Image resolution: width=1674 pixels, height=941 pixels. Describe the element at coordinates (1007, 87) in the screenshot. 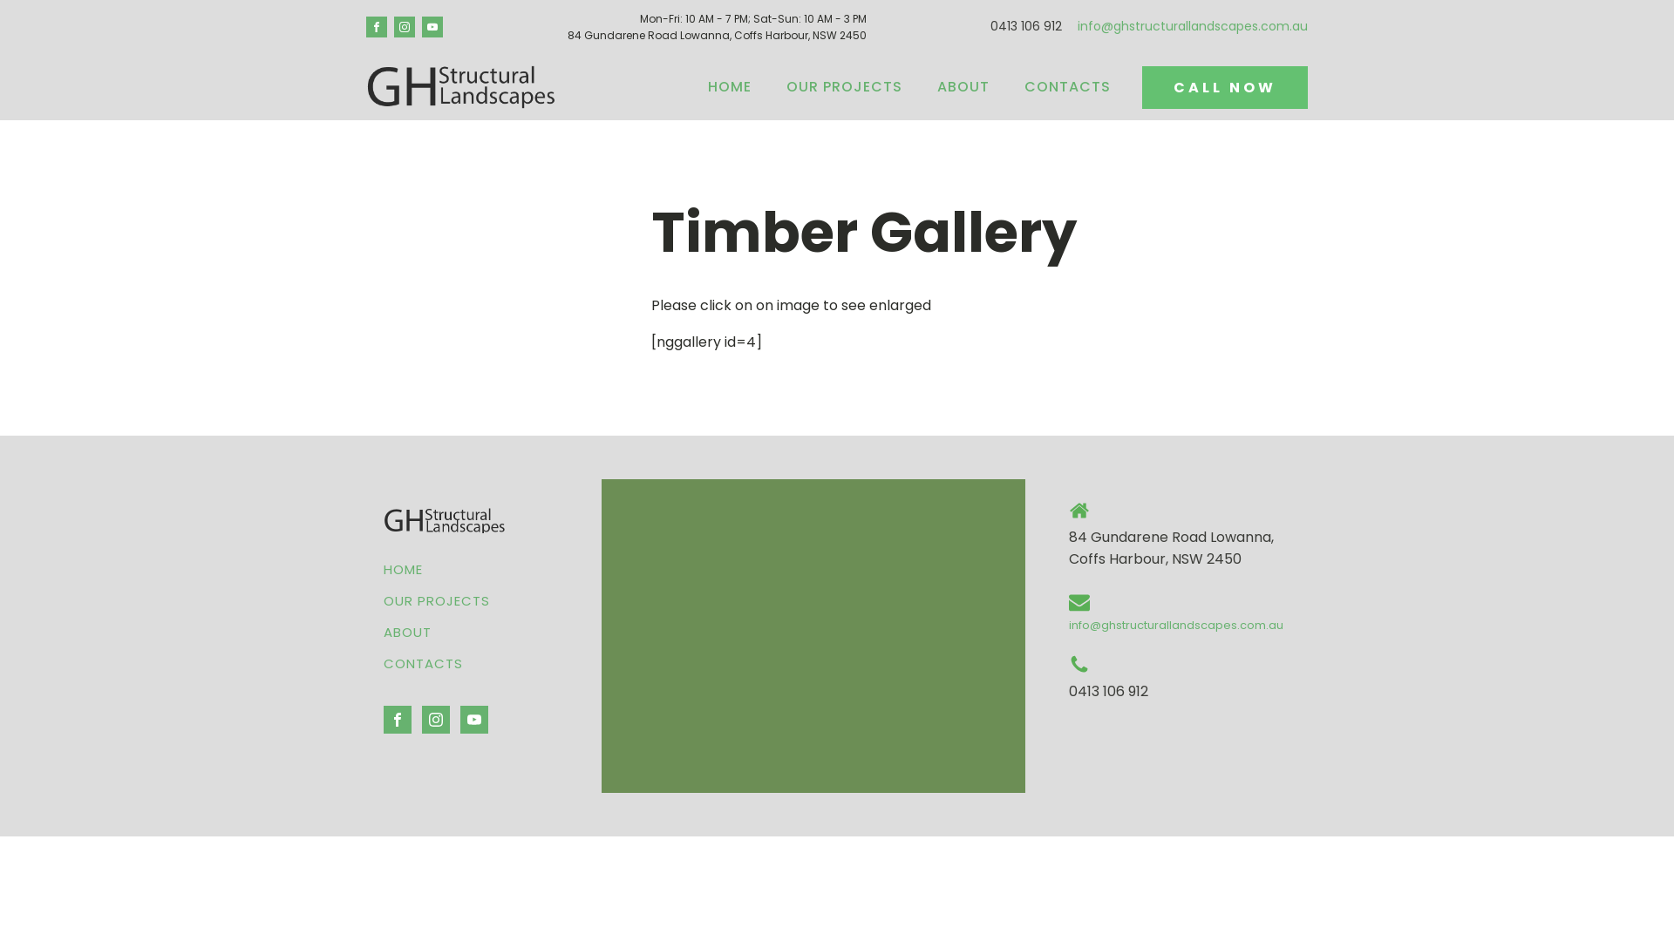

I see `'CONTACTS'` at that location.